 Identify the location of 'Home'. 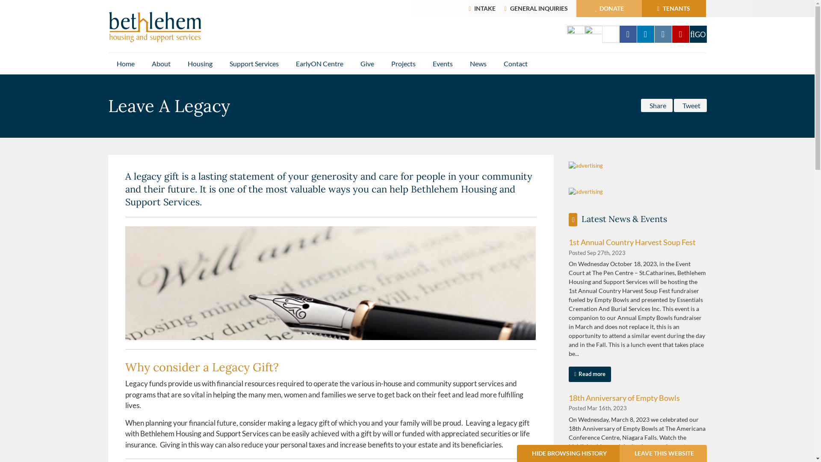
(124, 63).